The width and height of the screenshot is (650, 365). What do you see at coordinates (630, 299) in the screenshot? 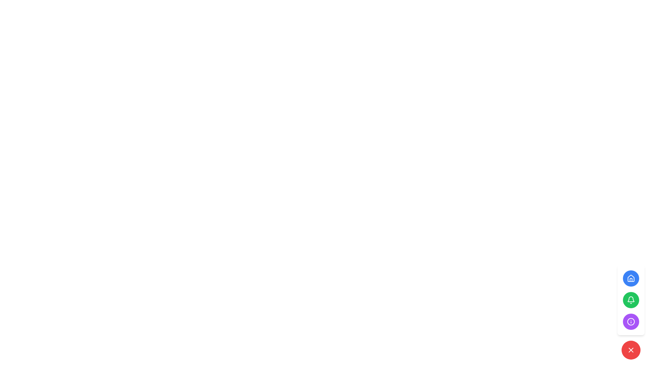
I see `the green bell icon button located at the bottom-right corner of the interface` at bounding box center [630, 299].